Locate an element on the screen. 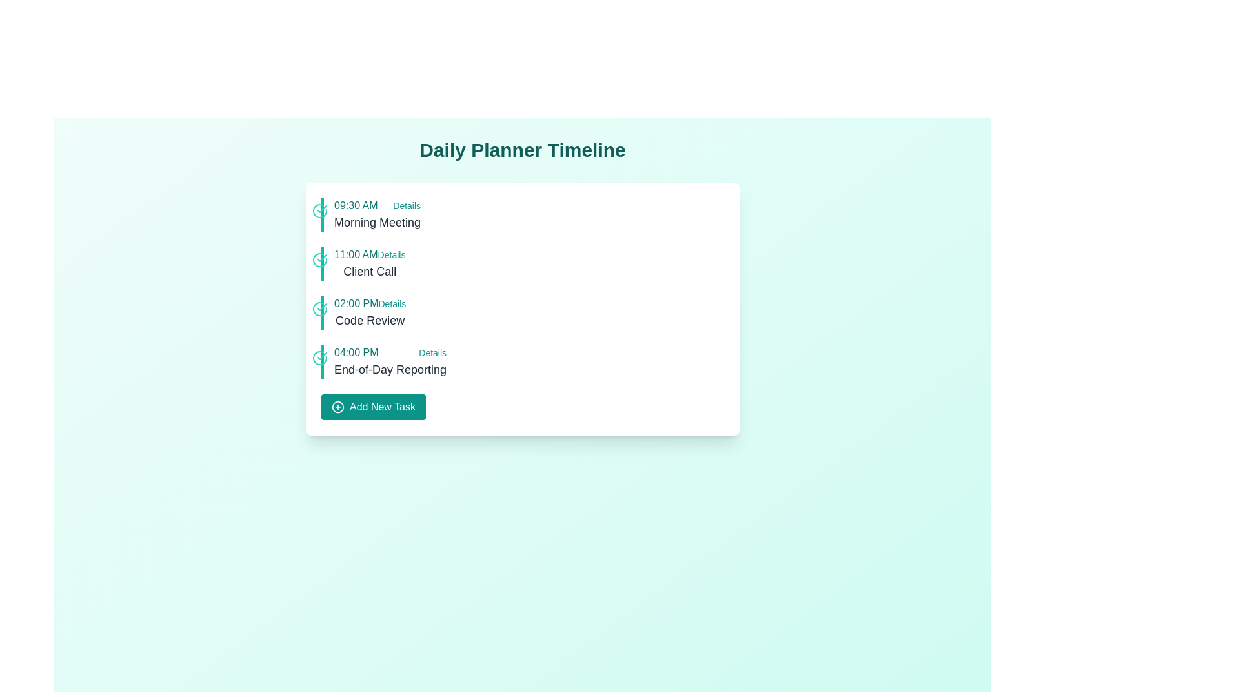 The height and width of the screenshot is (697, 1239). the text label that identifies the task scheduled for '02:00 PM' on the Daily Planner Timeline, located in the third entry of the timeline list is located at coordinates (369, 320).